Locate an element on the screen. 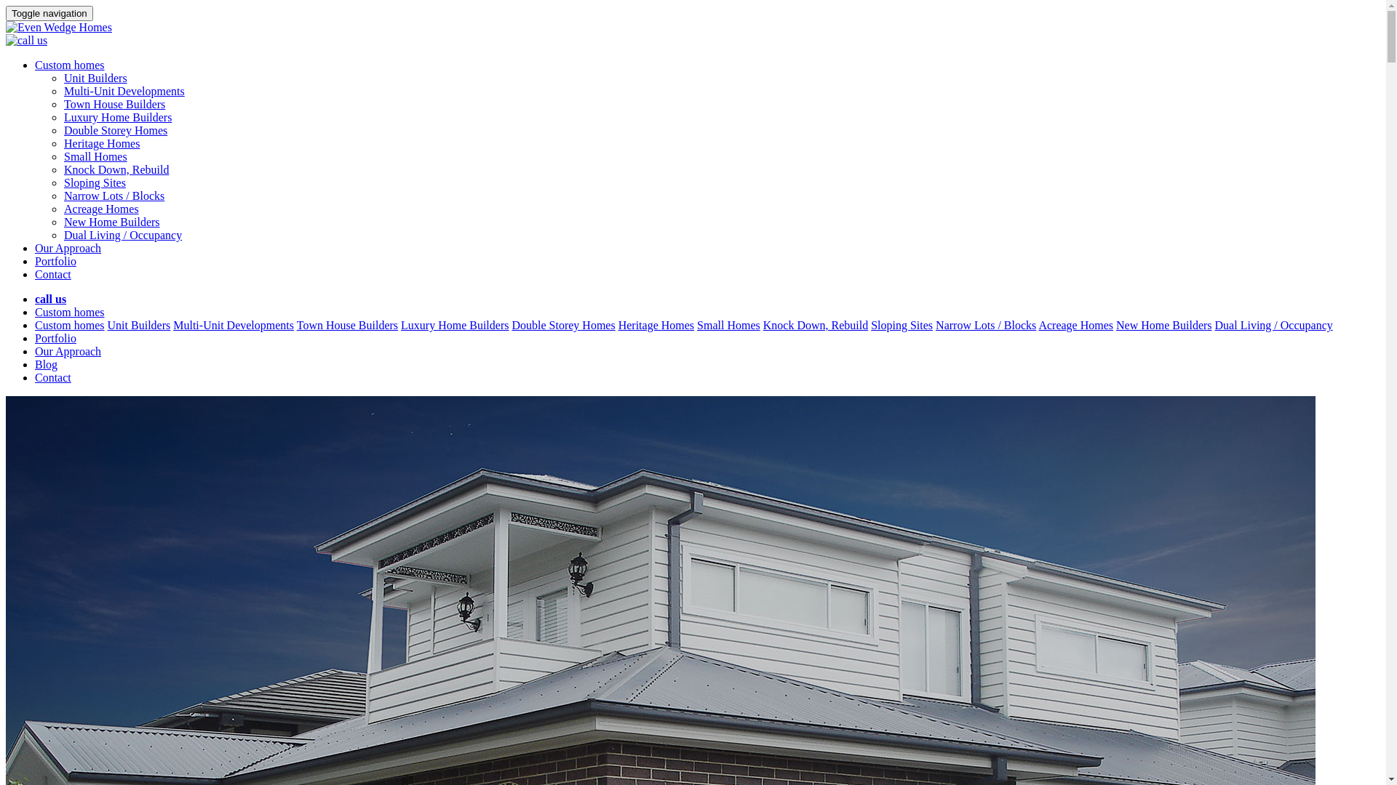  'Heritage Homes' is located at coordinates (656, 324).